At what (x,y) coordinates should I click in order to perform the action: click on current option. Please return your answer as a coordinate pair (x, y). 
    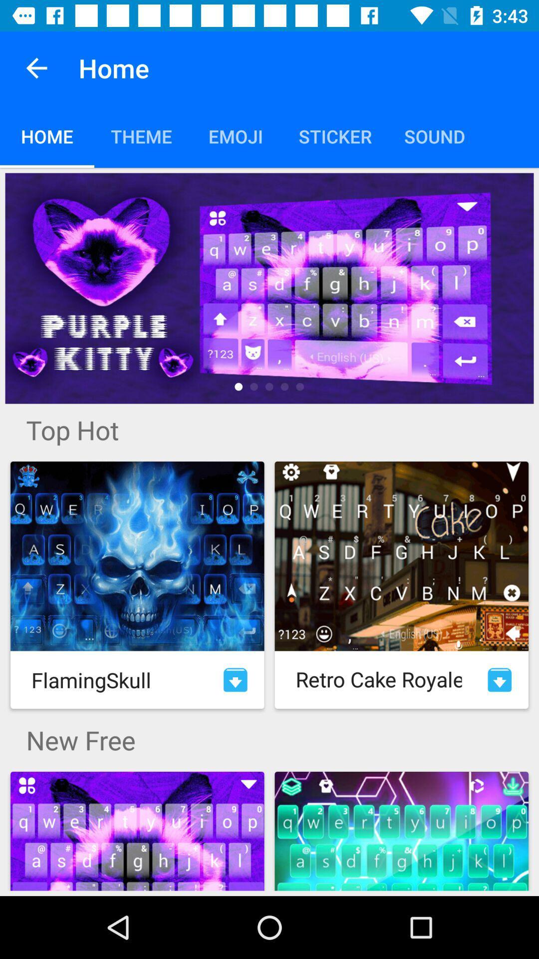
    Looking at the image, I should click on (269, 288).